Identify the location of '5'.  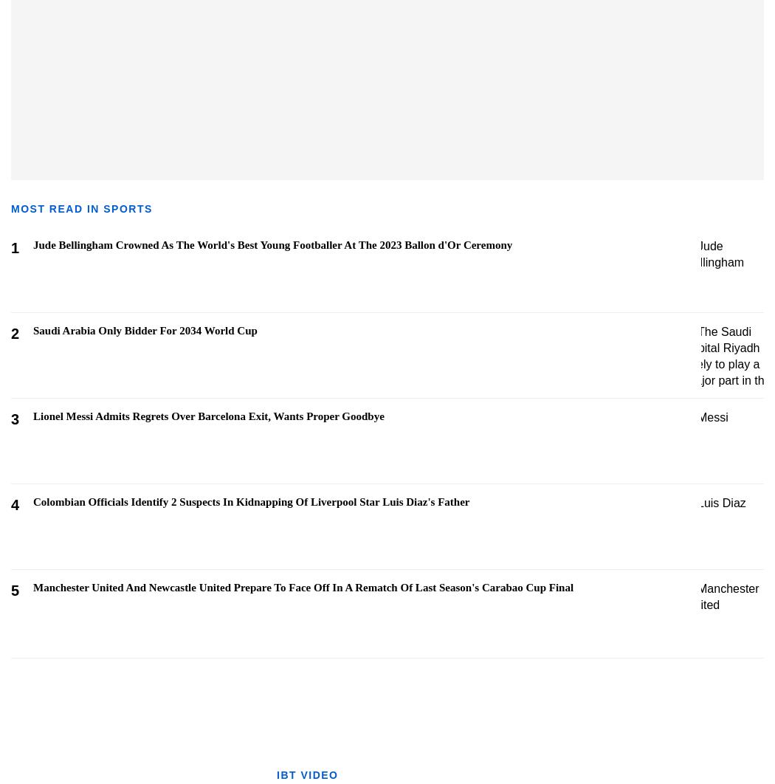
(15, 590).